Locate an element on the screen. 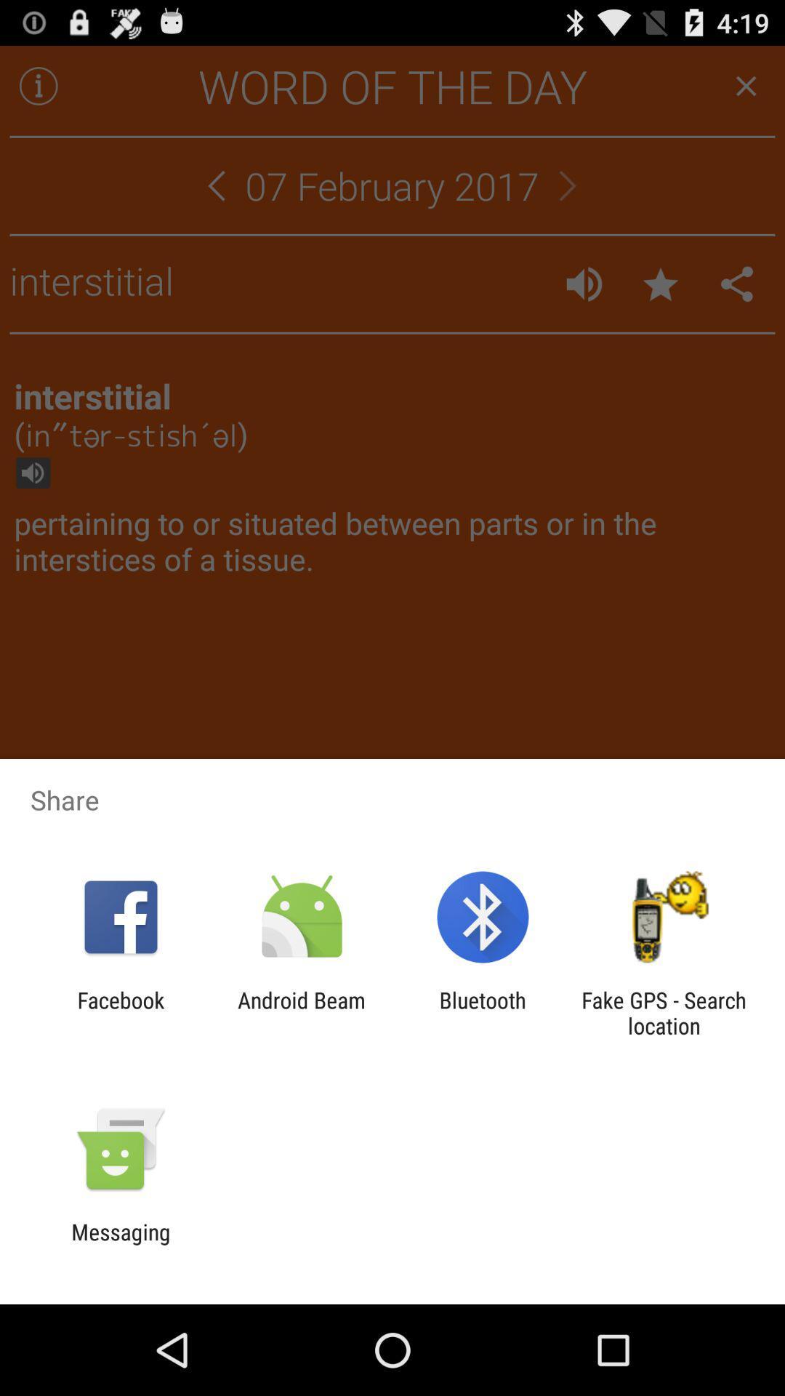 This screenshot has width=785, height=1396. the bluetooth icon is located at coordinates (483, 1012).